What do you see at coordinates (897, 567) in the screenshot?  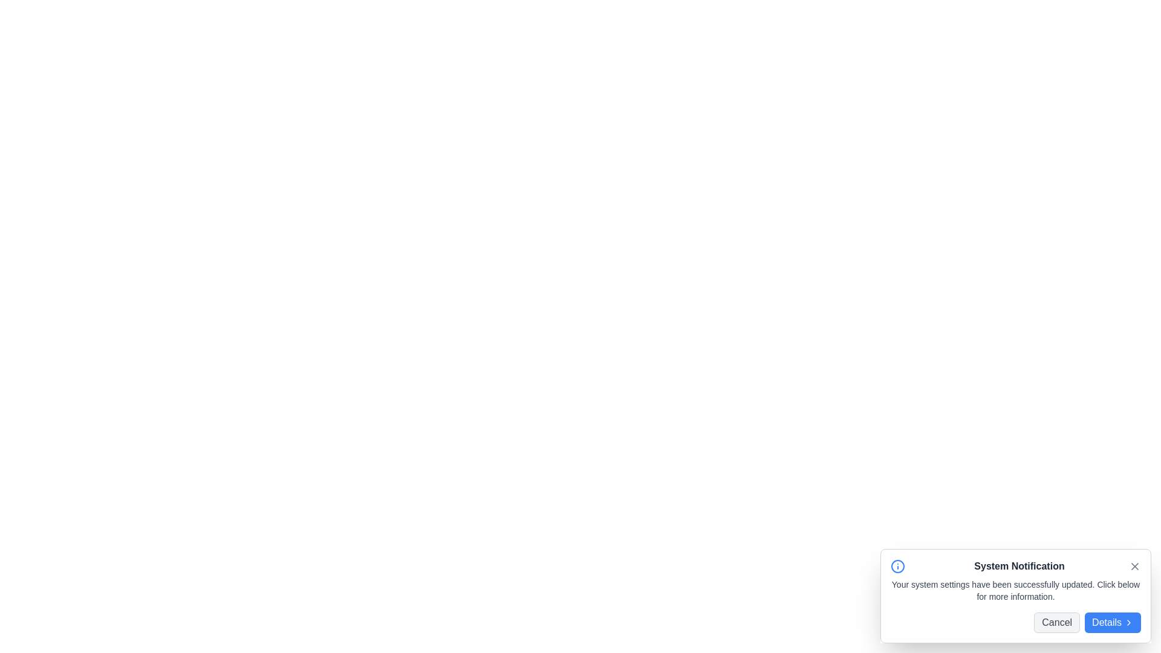 I see `the circular blue icon with a hollow center and an embedded exclamation mark, located to the left of the text 'System Notification'` at bounding box center [897, 567].